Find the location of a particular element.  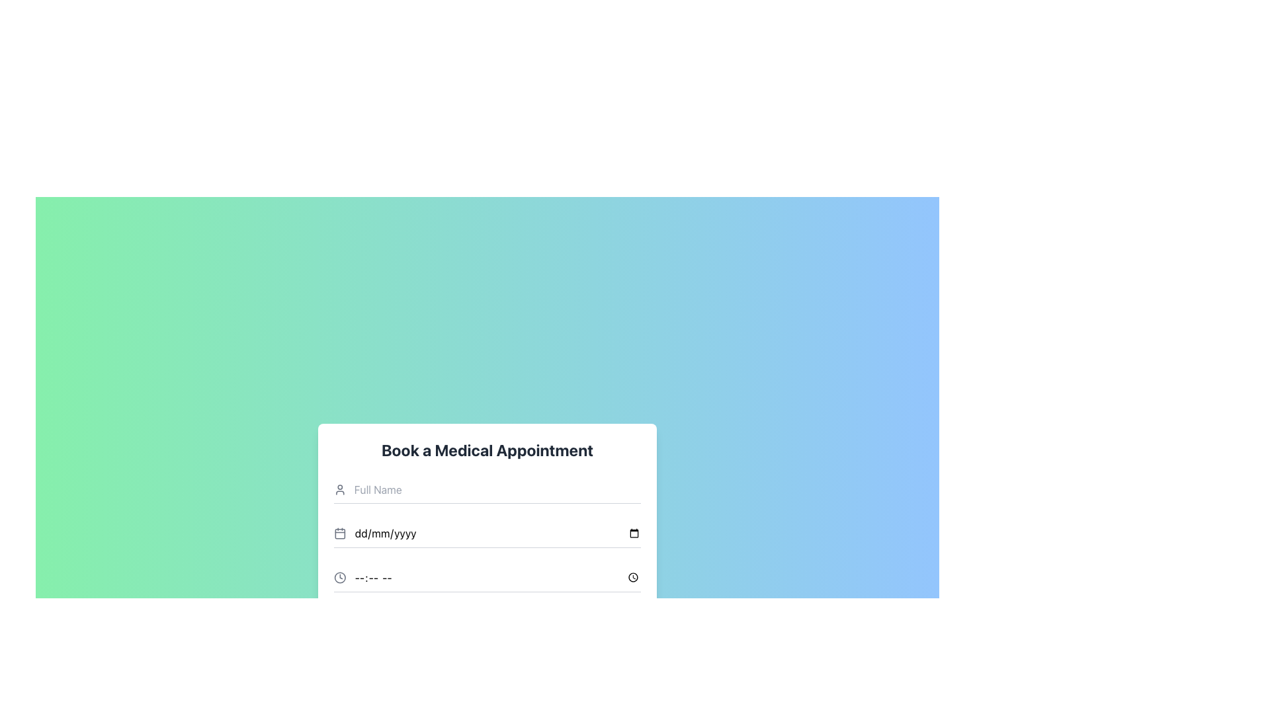

the Time input field, which is the fourth input field in the 'Book a Medical Appointment' form, located below the 'Appointment Date' field and above the form action buttons is located at coordinates (487, 577).